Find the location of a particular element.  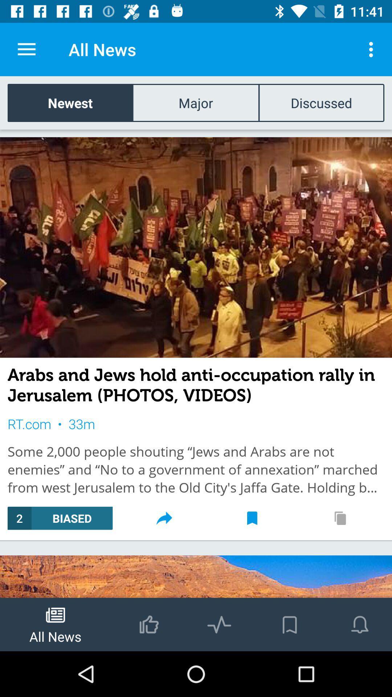

icon to the left of the discussed is located at coordinates (195, 102).